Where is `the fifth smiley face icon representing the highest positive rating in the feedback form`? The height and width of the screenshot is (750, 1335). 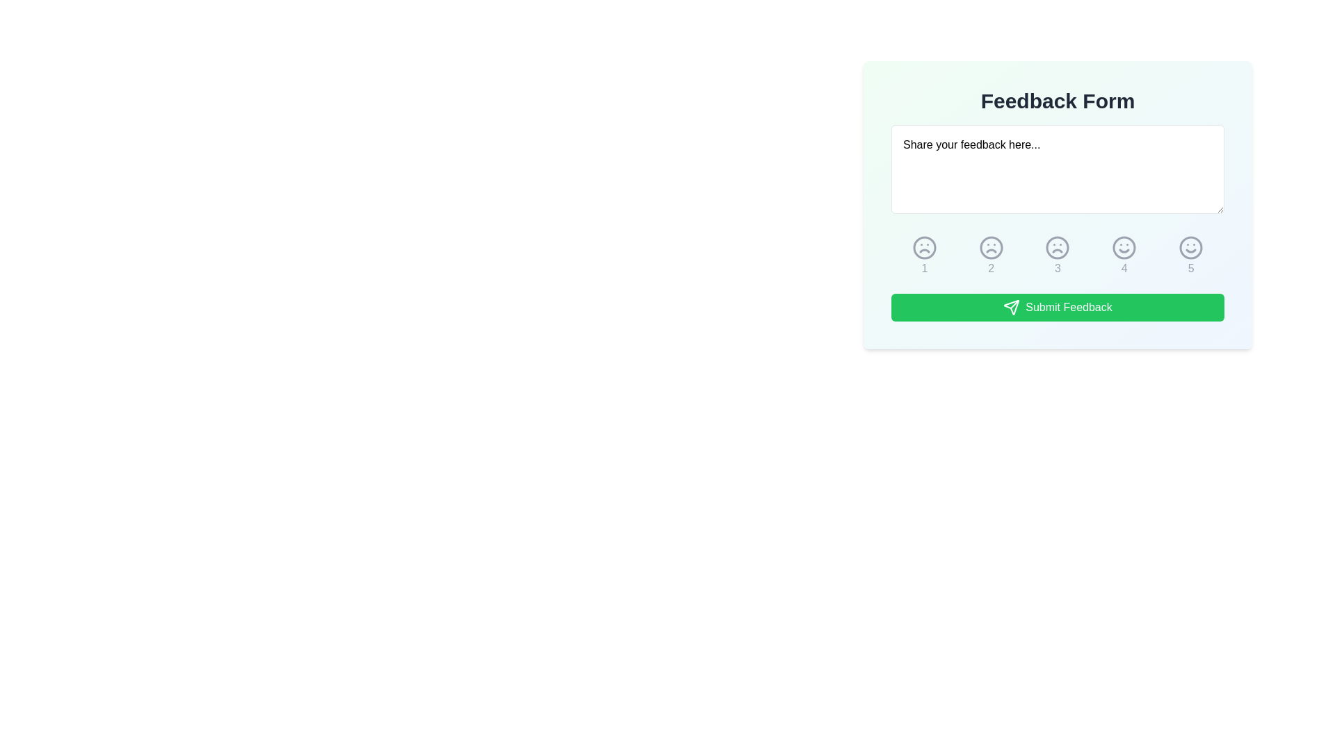 the fifth smiley face icon representing the highest positive rating in the feedback form is located at coordinates (1190, 256).